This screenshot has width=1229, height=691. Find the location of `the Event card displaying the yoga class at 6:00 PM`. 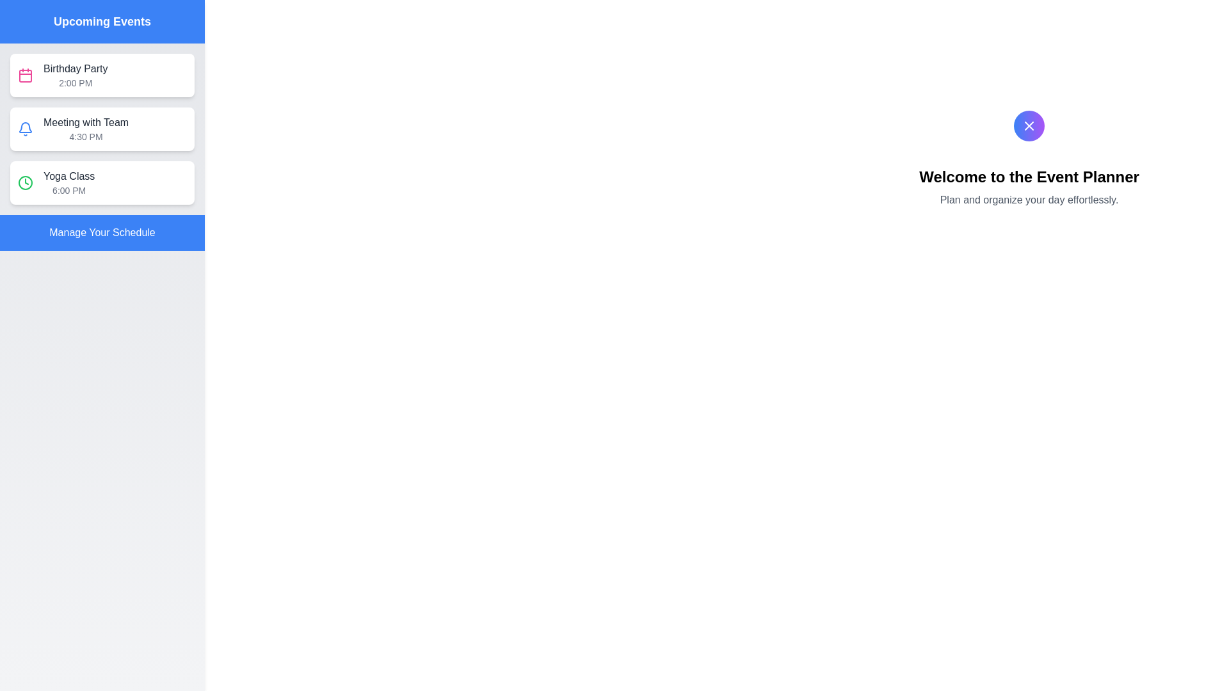

the Event card displaying the yoga class at 6:00 PM is located at coordinates (101, 182).